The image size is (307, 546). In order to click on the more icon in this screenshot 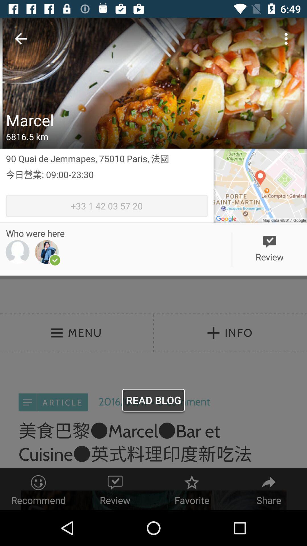, I will do `click(286, 40)`.